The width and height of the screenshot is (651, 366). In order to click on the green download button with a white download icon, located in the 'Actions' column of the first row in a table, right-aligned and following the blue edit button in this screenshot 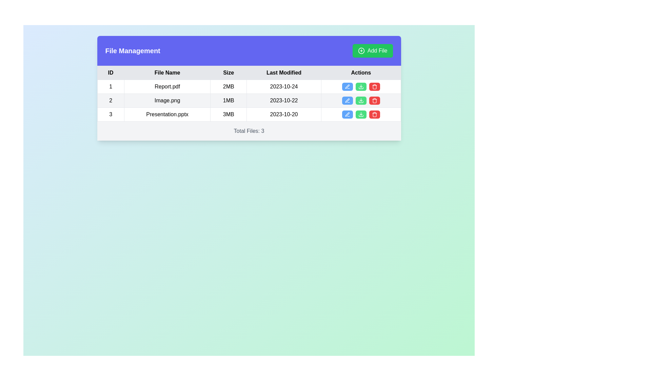, I will do `click(360, 86)`.